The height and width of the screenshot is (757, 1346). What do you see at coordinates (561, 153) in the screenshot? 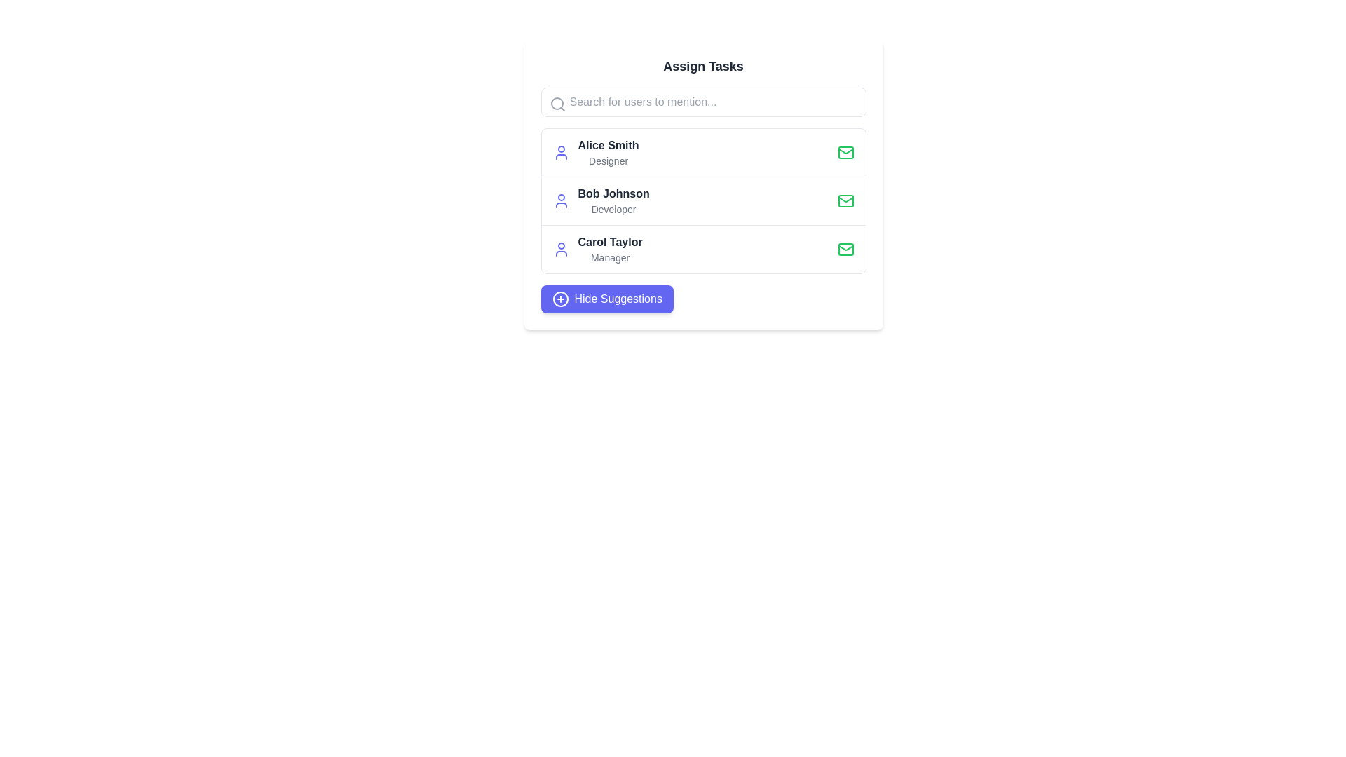
I see `the user icon representing 'Alice Smith' in the assignable tasks list, located to the left of the name and title text 'Alice Smith Designer'` at bounding box center [561, 153].